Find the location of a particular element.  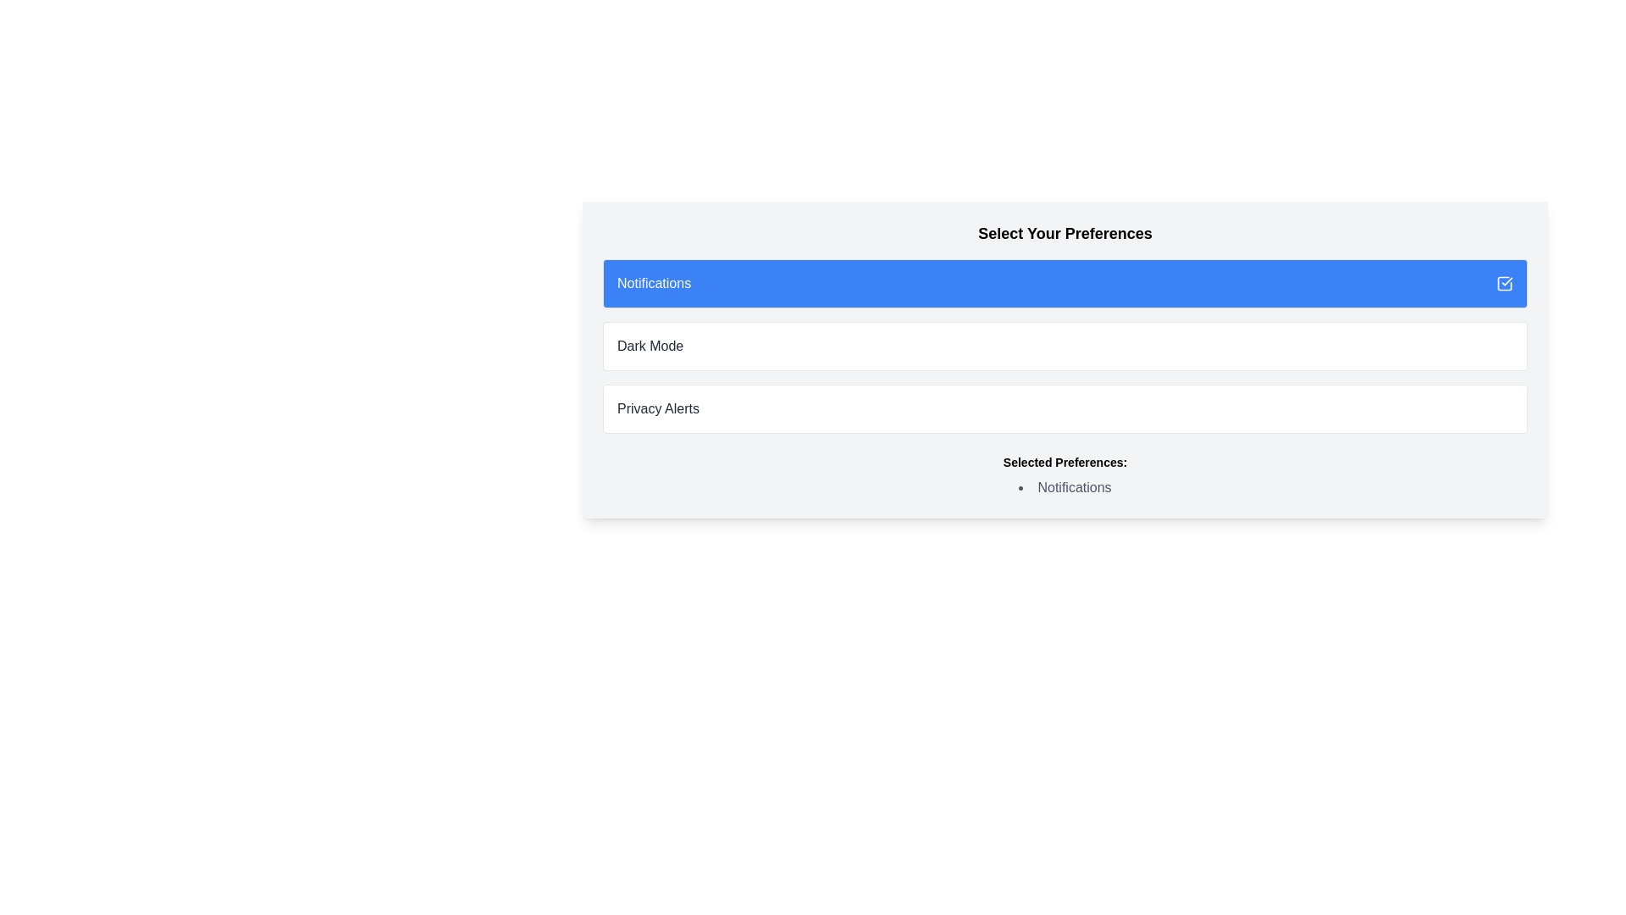

the blue square checkbox icon with a white checkmark, which is part of the preferences selection interface for 'Notifications' is located at coordinates (1504, 283).